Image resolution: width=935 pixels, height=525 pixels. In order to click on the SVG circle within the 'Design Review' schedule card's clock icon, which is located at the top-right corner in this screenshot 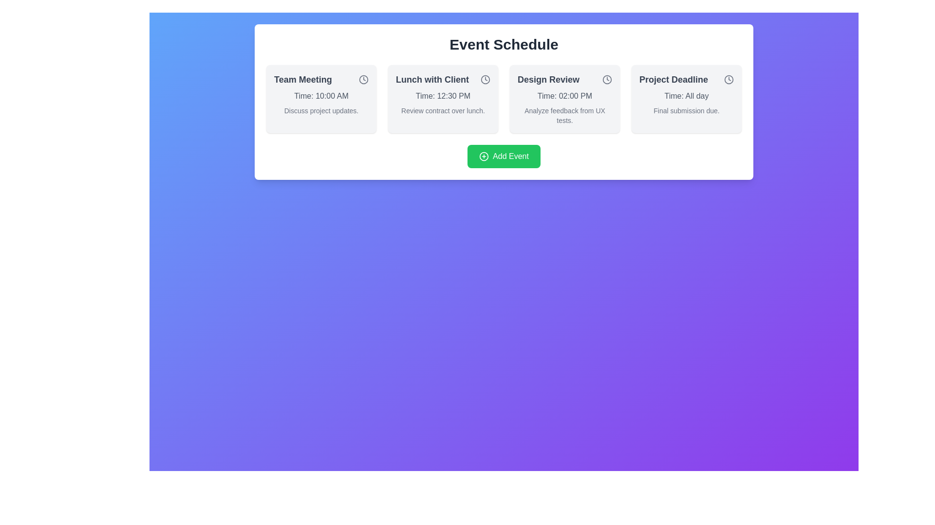, I will do `click(607, 79)`.